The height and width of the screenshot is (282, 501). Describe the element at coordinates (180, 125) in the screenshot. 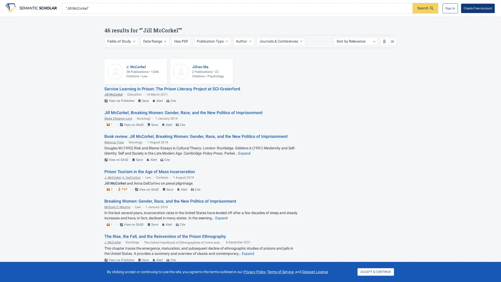

I see `Cite this paper` at that location.